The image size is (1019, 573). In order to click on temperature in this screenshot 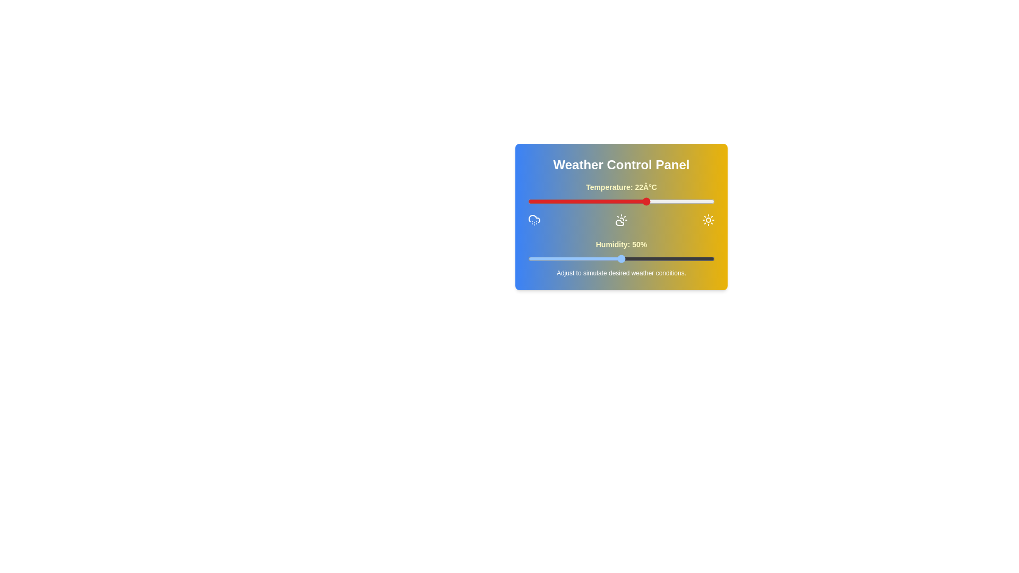, I will do `click(617, 202)`.